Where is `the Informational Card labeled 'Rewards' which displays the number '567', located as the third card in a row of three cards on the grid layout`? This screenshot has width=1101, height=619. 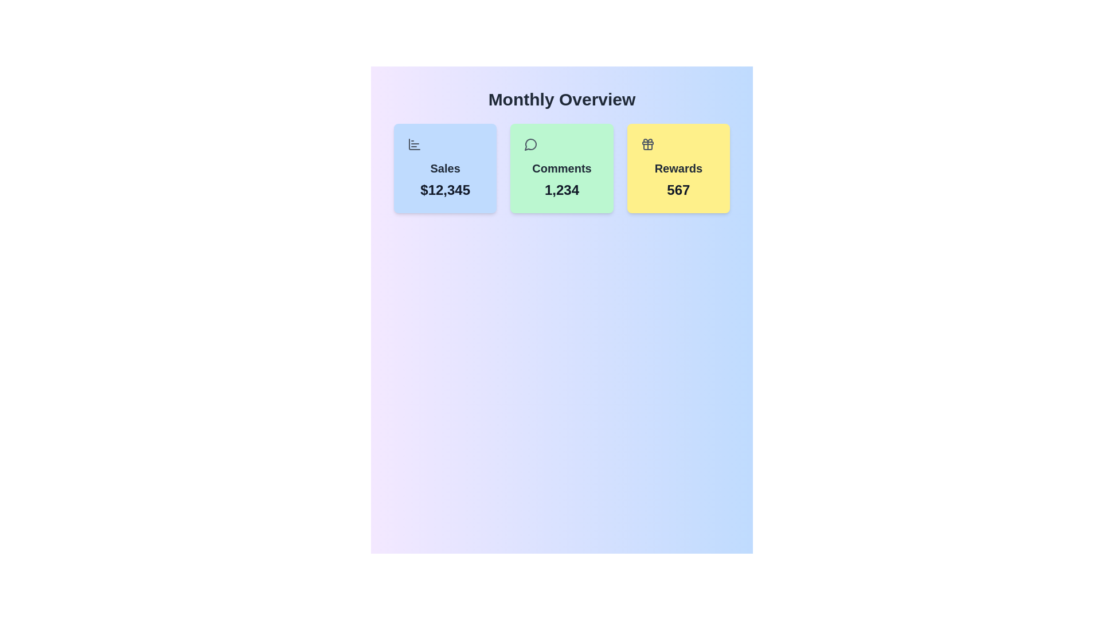
the Informational Card labeled 'Rewards' which displays the number '567', located as the third card in a row of three cards on the grid layout is located at coordinates (678, 168).